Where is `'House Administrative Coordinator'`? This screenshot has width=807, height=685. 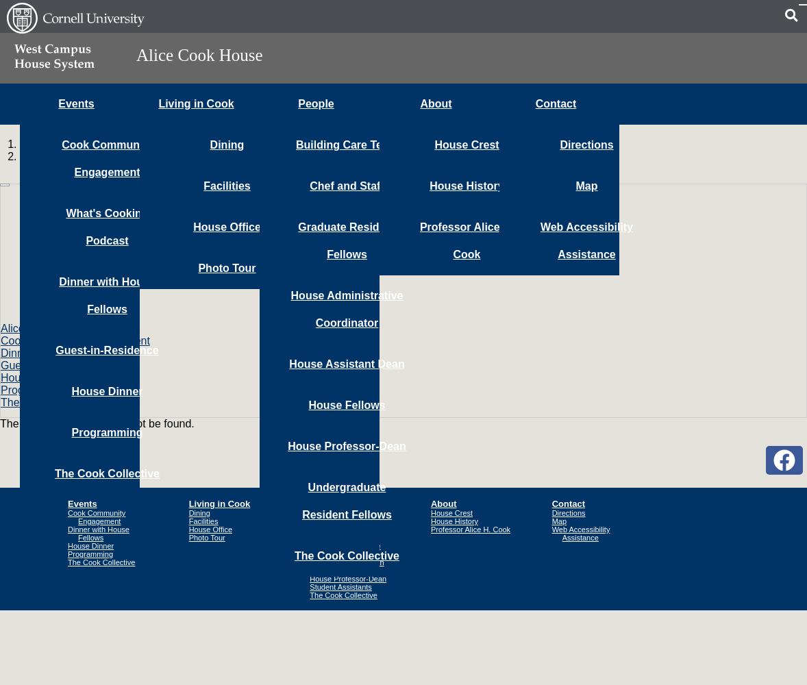 'House Administrative Coordinator' is located at coordinates (346, 308).